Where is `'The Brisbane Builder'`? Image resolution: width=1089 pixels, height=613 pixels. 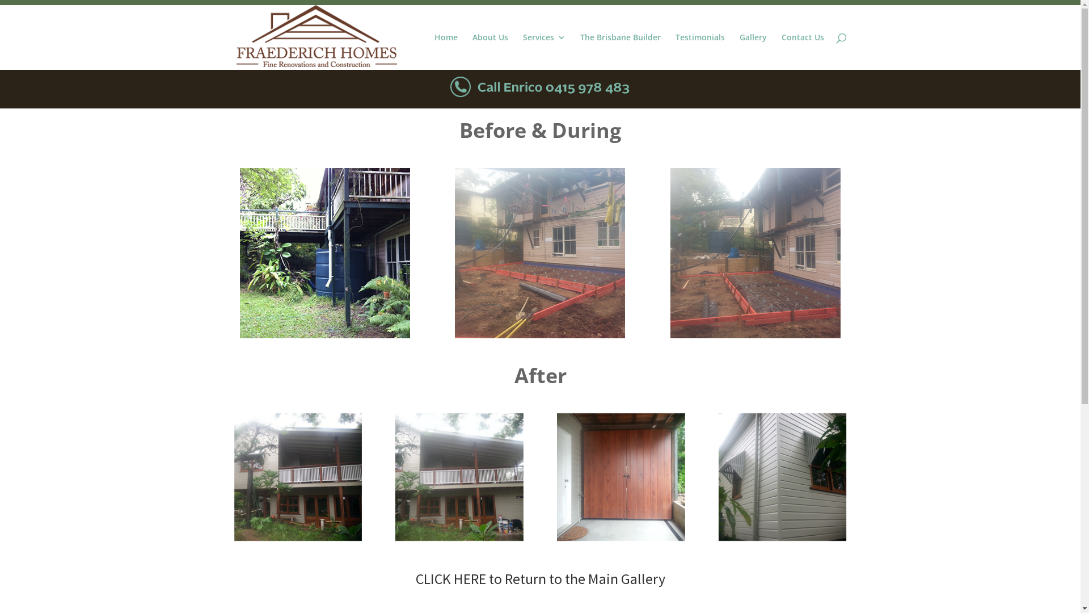
'The Brisbane Builder' is located at coordinates (619, 52).